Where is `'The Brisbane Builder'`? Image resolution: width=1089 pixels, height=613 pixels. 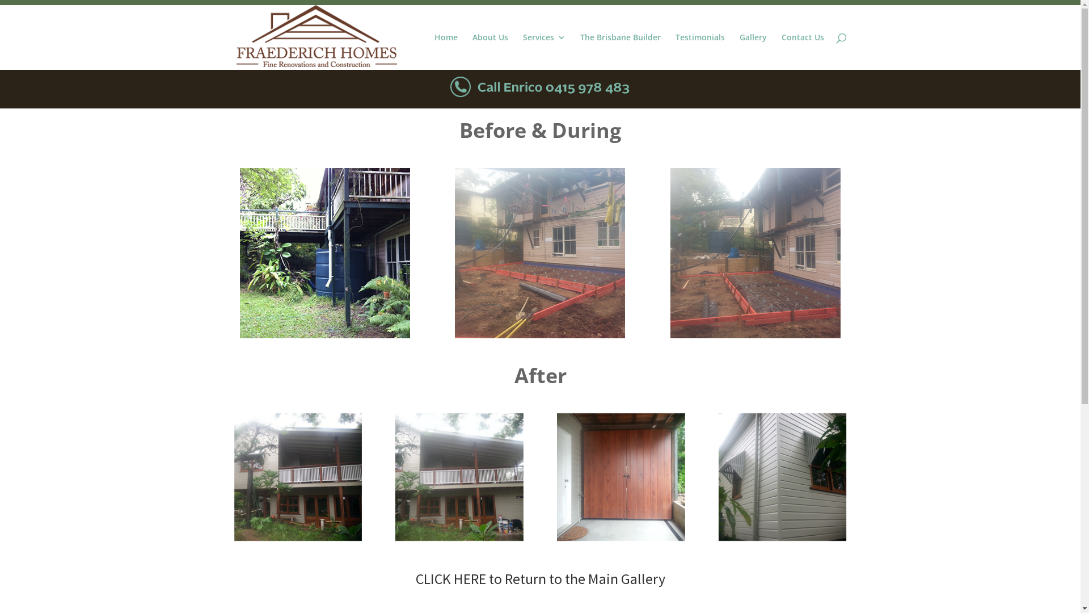
'The Brisbane Builder' is located at coordinates (619, 52).